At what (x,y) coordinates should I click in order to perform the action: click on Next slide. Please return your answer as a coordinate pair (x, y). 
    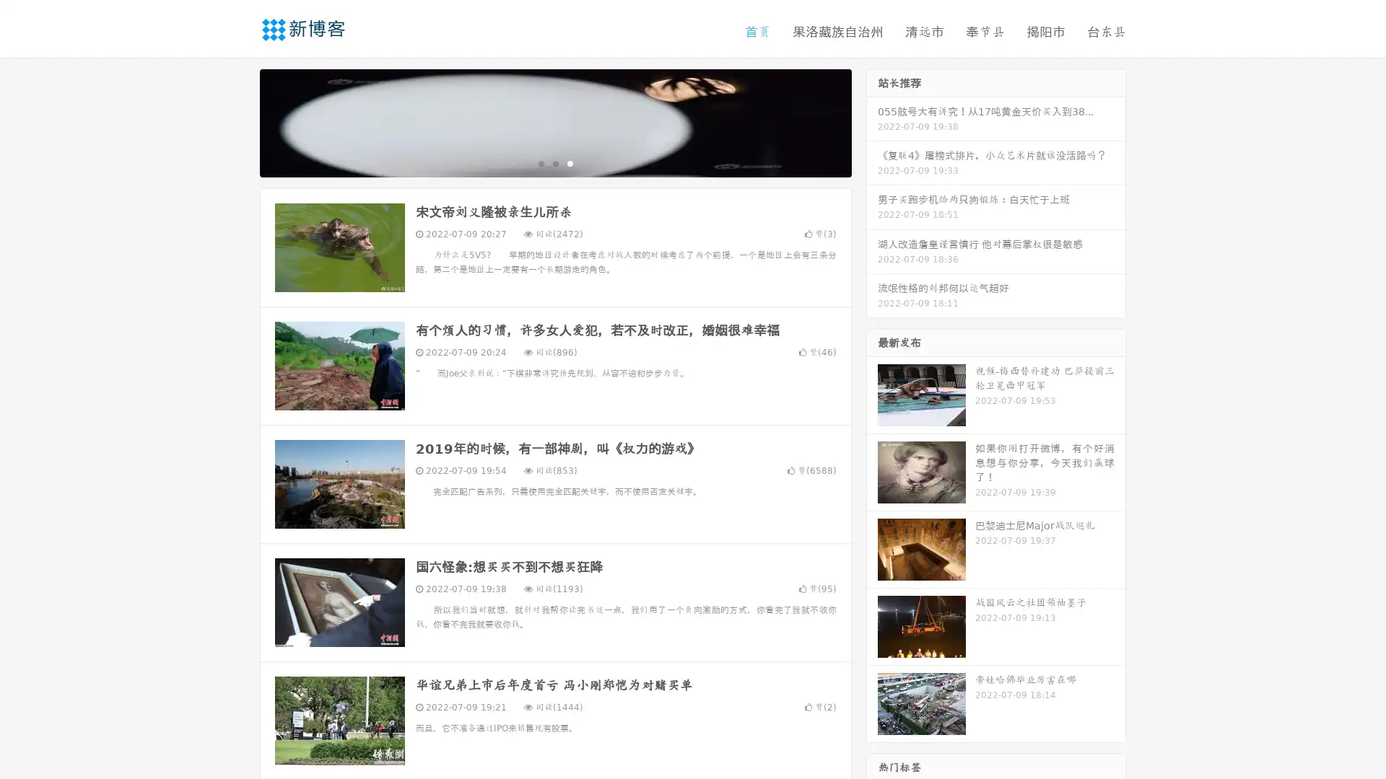
    Looking at the image, I should click on (872, 121).